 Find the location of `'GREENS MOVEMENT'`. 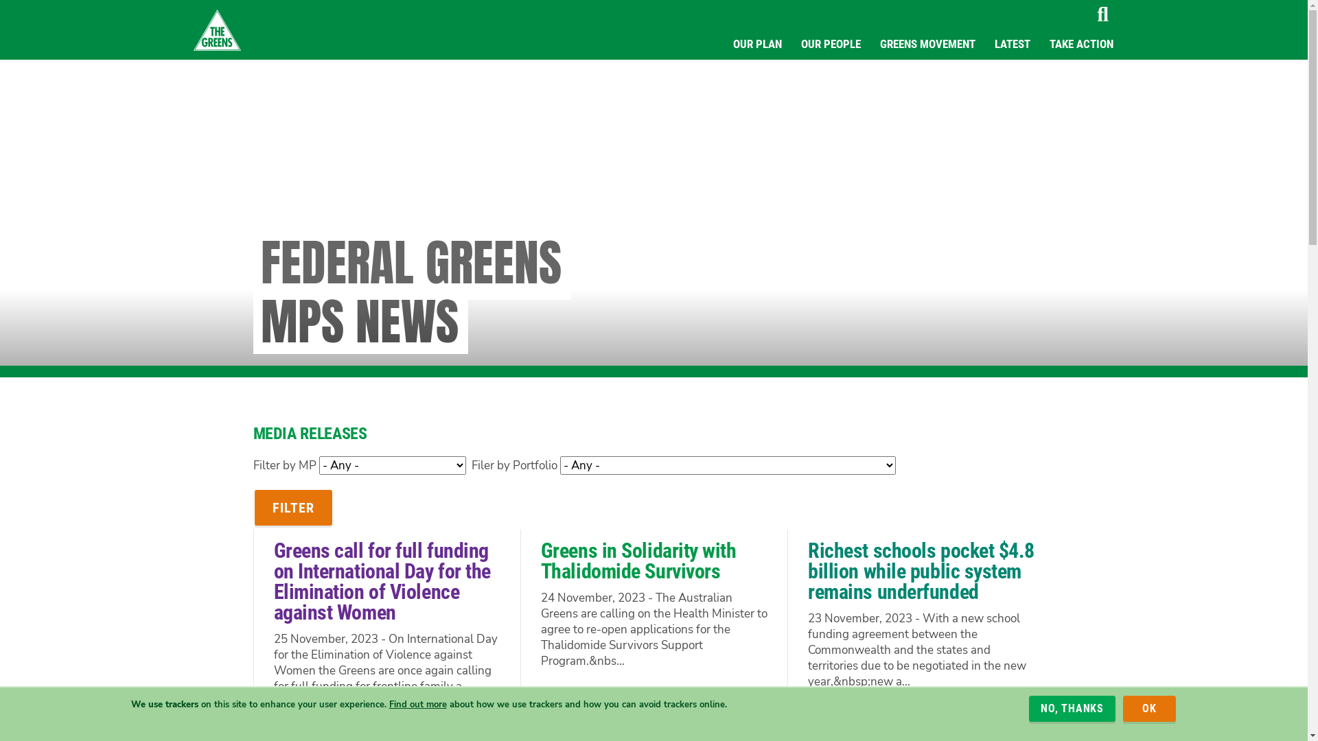

'GREENS MOVEMENT' is located at coordinates (869, 43).